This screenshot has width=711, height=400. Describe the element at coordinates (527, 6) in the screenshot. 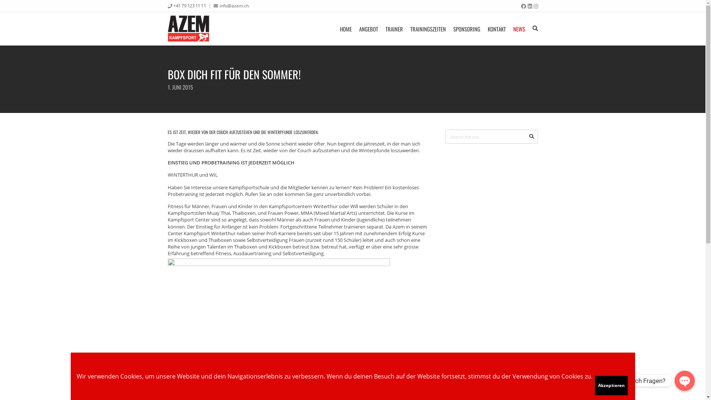

I see `'LinkedIn'` at that location.